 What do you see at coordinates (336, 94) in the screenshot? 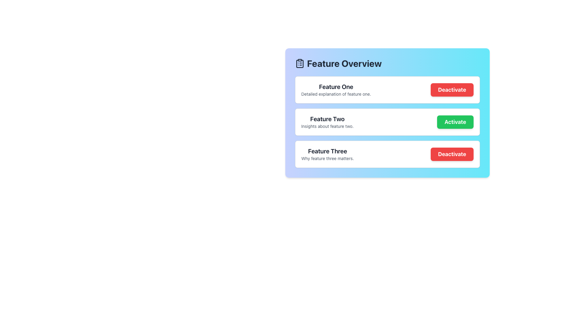
I see `the text snippet reading 'Detailed explanation of feature one.' which is styled in gray color and located beneath the heading 'Feature One.'` at bounding box center [336, 94].